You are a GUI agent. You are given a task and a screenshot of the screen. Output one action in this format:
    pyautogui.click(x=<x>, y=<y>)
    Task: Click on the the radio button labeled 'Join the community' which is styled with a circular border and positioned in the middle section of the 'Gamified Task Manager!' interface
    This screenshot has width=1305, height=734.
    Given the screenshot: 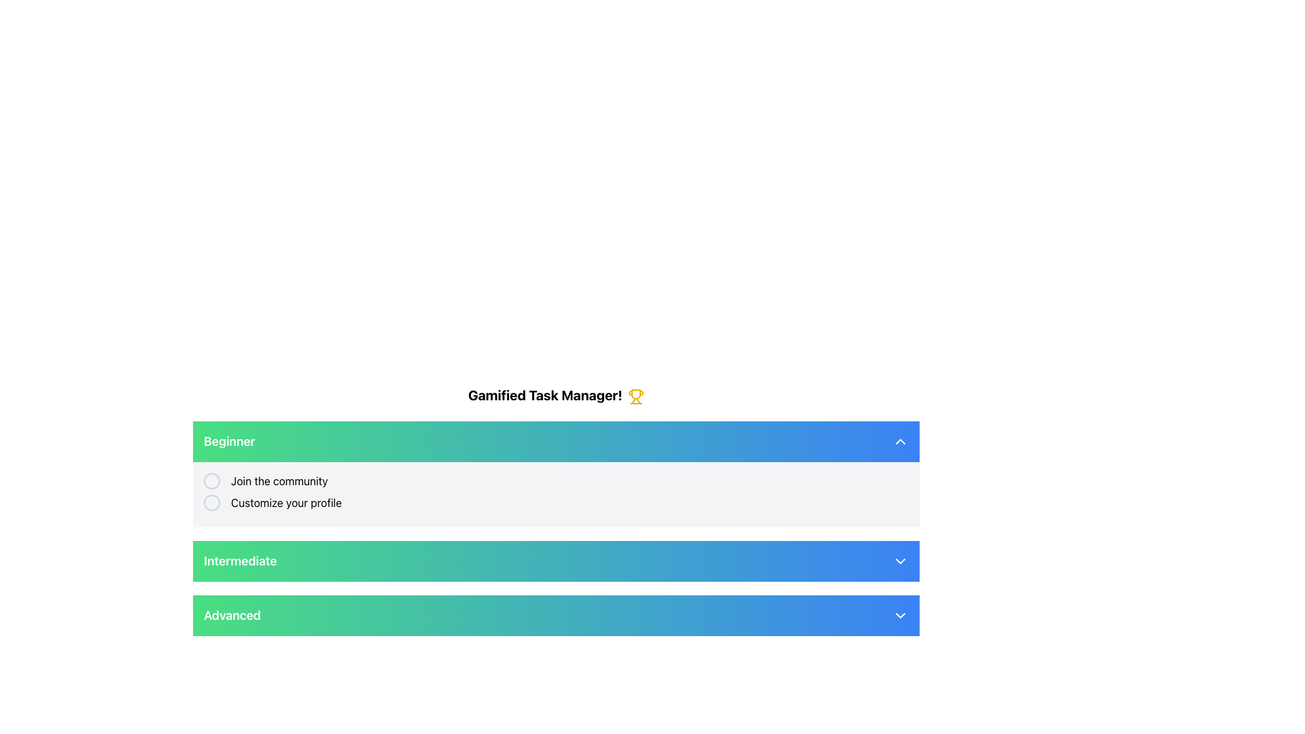 What is the action you would take?
    pyautogui.click(x=556, y=480)
    